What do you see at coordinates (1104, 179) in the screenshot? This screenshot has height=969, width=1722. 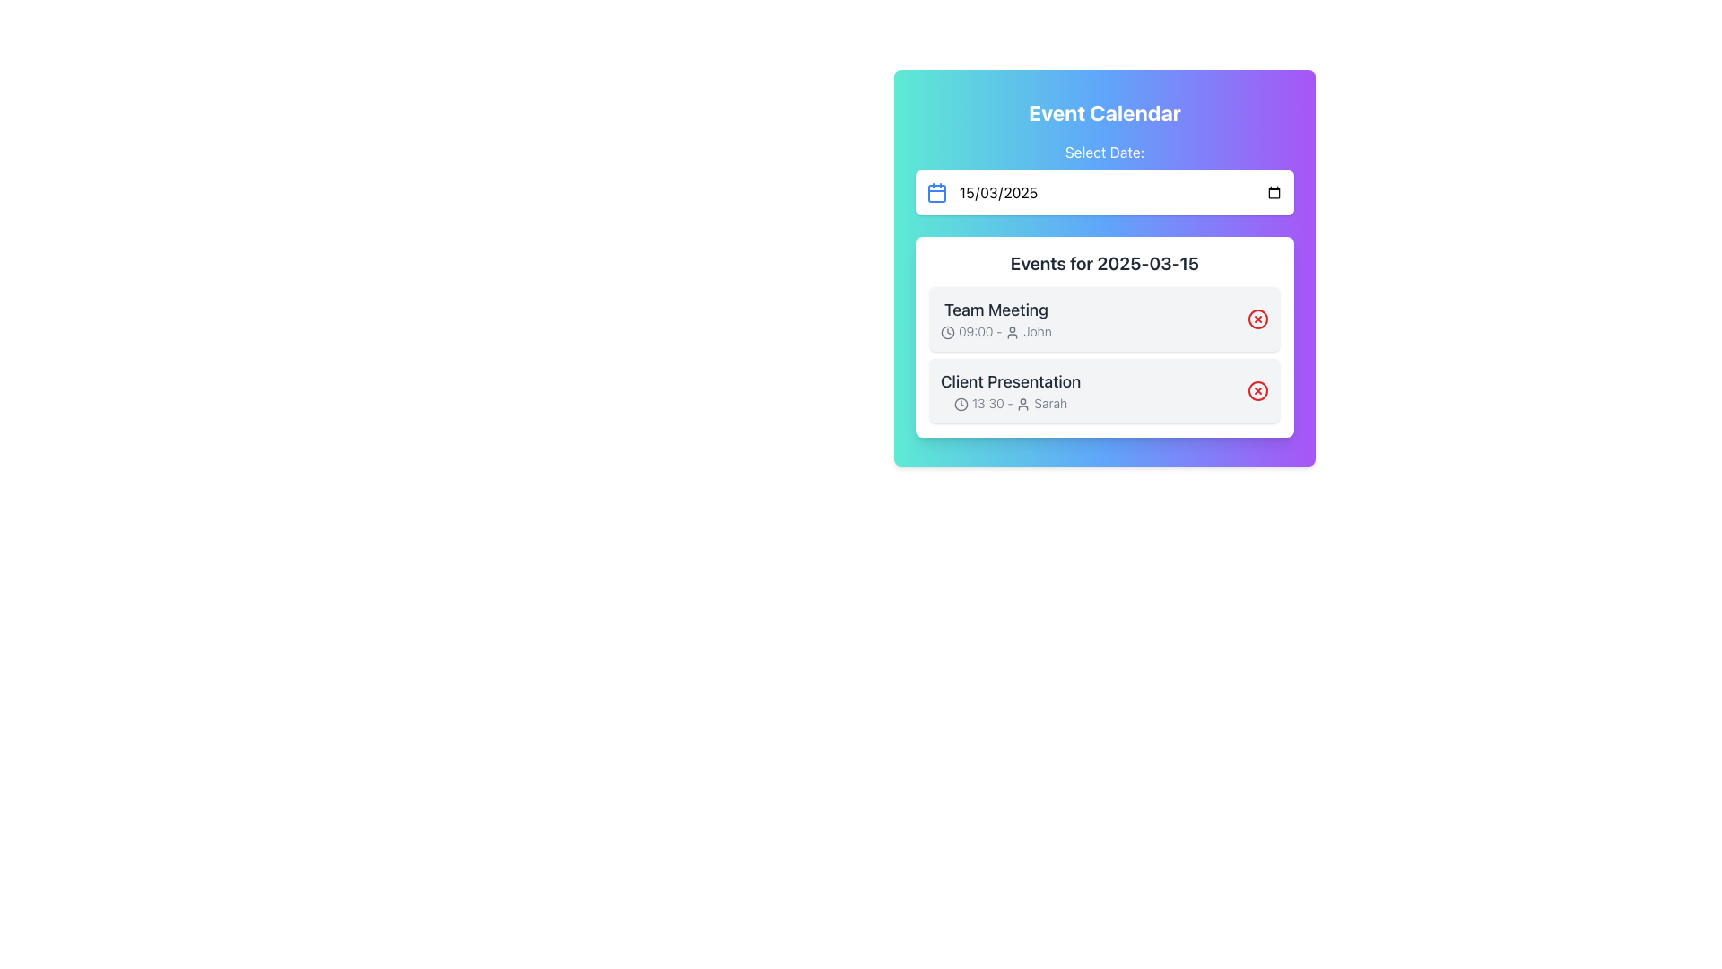 I see `the date selection field labeled 'Select Date:'` at bounding box center [1104, 179].